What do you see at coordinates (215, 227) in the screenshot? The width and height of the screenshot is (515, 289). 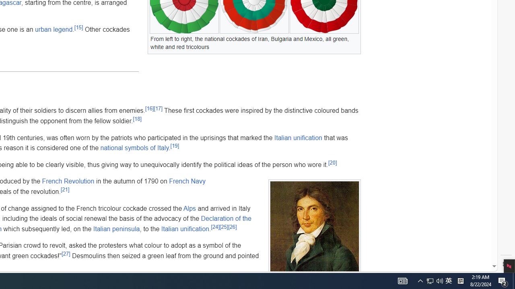 I see `'[24]'` at bounding box center [215, 227].